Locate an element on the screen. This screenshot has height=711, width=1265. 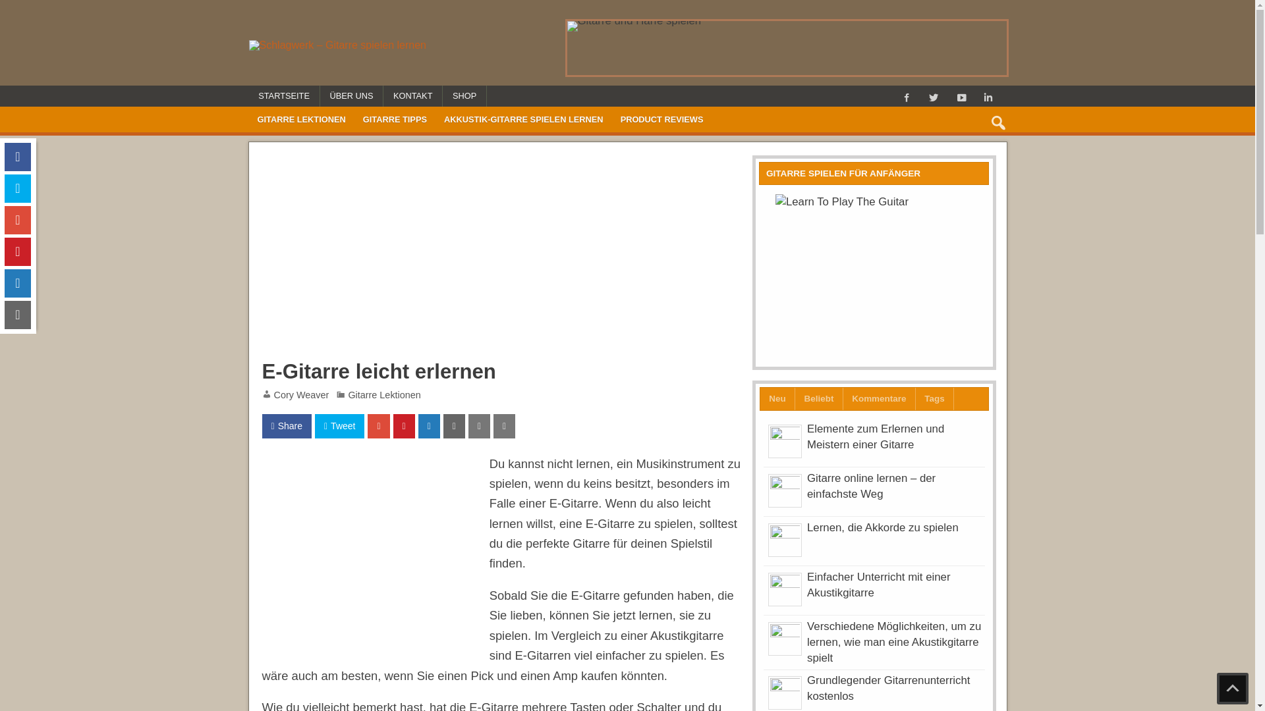
'Neu' is located at coordinates (777, 398).